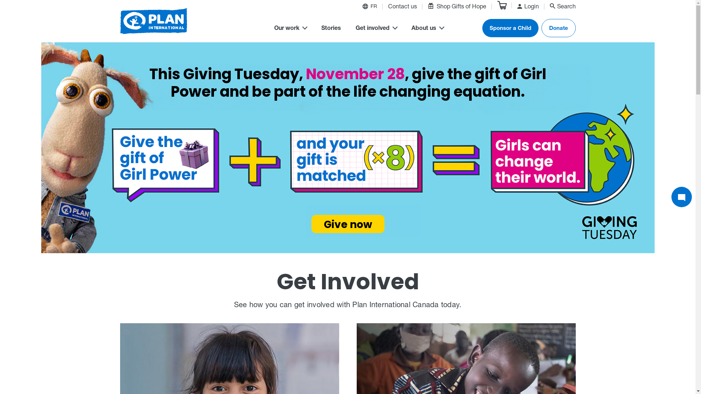  Describe the element at coordinates (347, 223) in the screenshot. I see `'Give now'` at that location.